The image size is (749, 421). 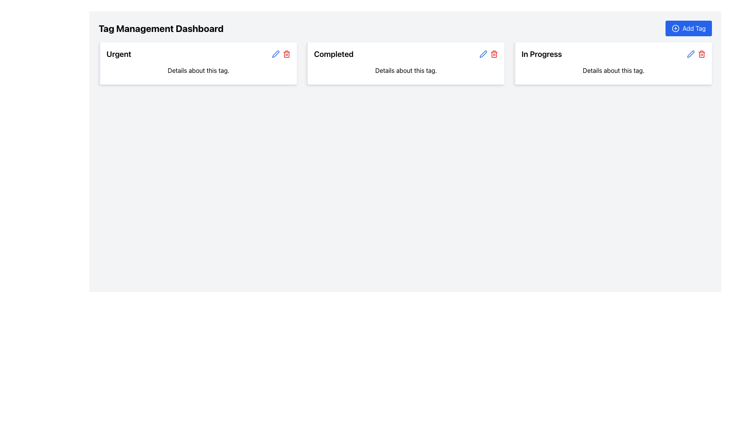 What do you see at coordinates (675, 28) in the screenshot?
I see `the Circle element of the 'Add Tag' button, which is located in the top-right corner and features a plus sign` at bounding box center [675, 28].